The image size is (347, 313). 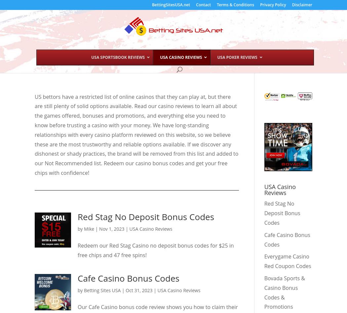 What do you see at coordinates (171, 5) in the screenshot?
I see `'BettingSitesUSA.net'` at bounding box center [171, 5].